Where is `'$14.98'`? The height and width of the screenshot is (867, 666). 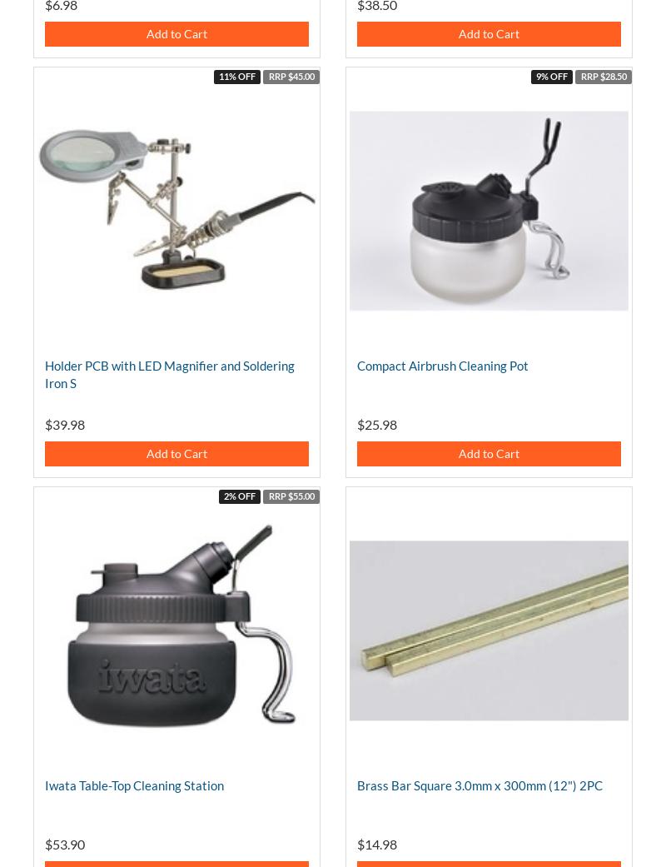 '$14.98' is located at coordinates (357, 843).